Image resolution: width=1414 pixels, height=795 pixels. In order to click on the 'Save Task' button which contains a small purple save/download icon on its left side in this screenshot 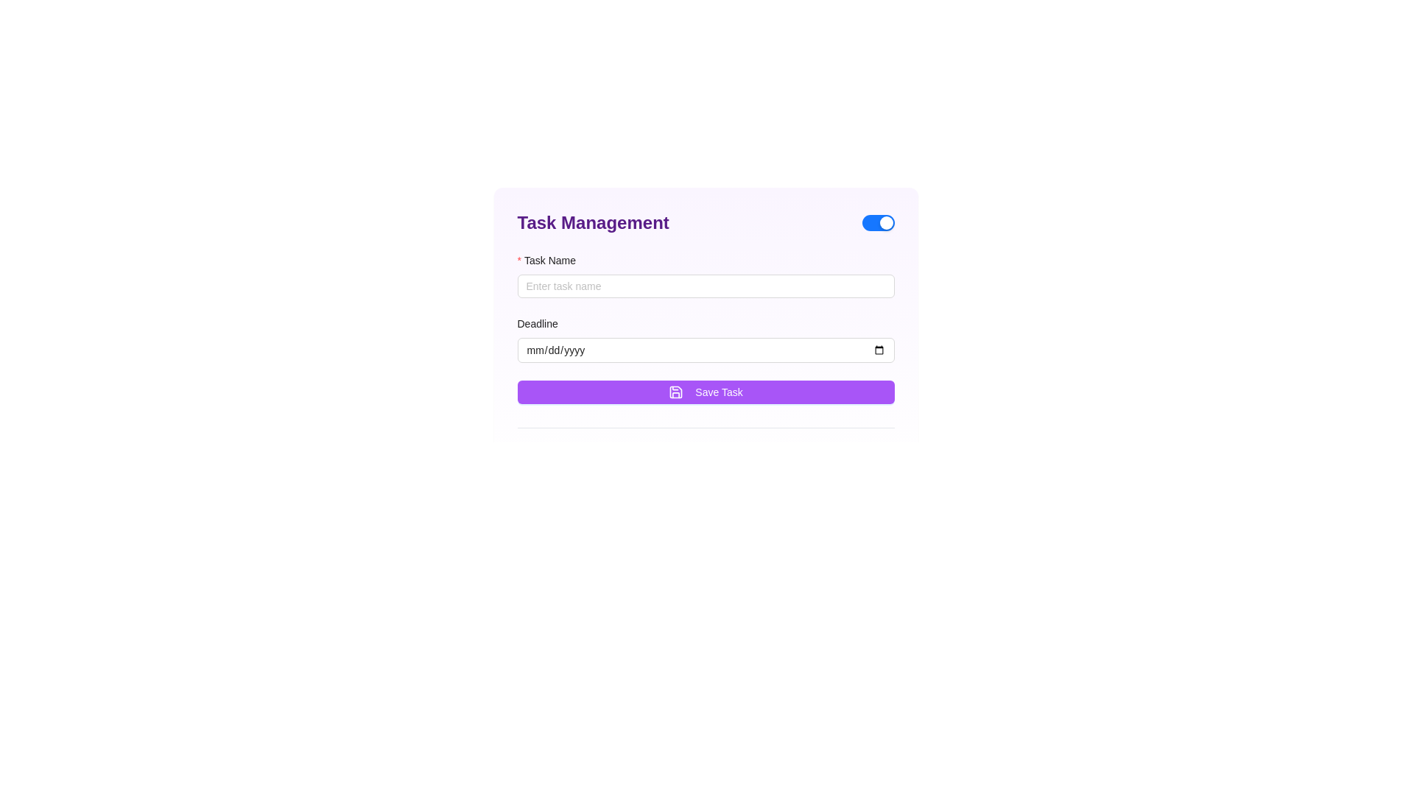, I will do `click(675, 391)`.